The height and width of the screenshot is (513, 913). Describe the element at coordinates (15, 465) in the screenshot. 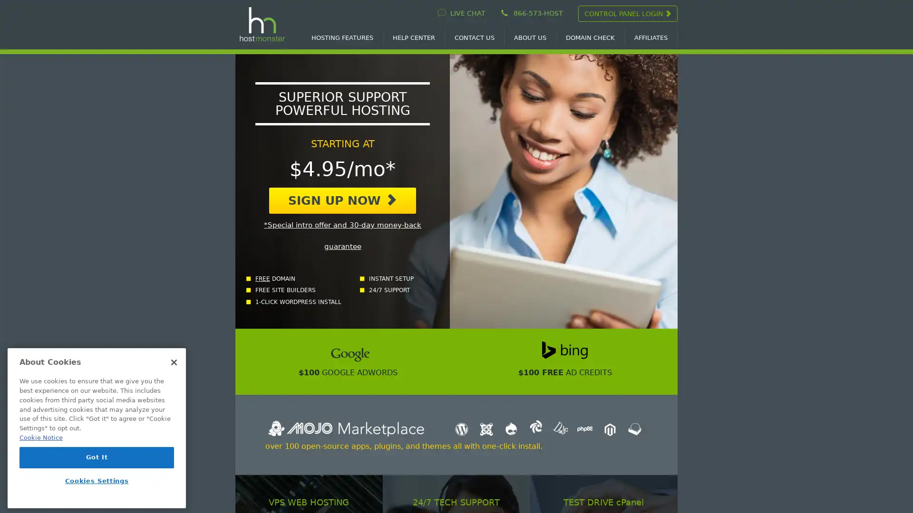

I see `Explore your accessibility options` at that location.